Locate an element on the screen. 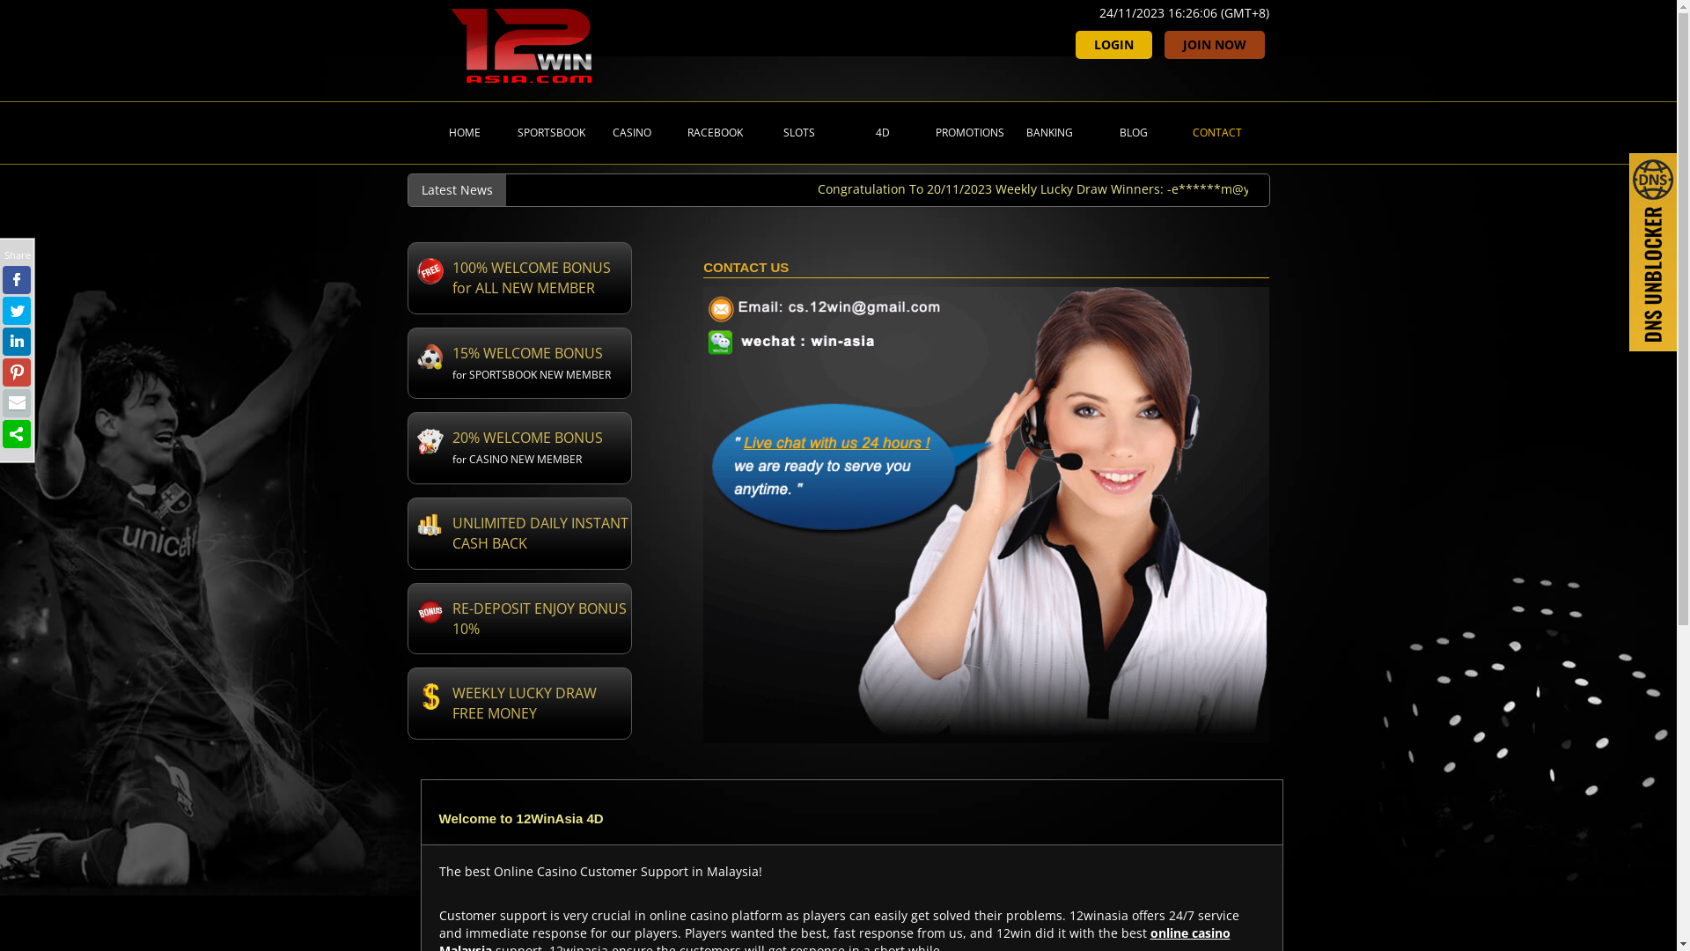 Image resolution: width=1690 pixels, height=951 pixels. 'JOIN NOW' is located at coordinates (1214, 43).